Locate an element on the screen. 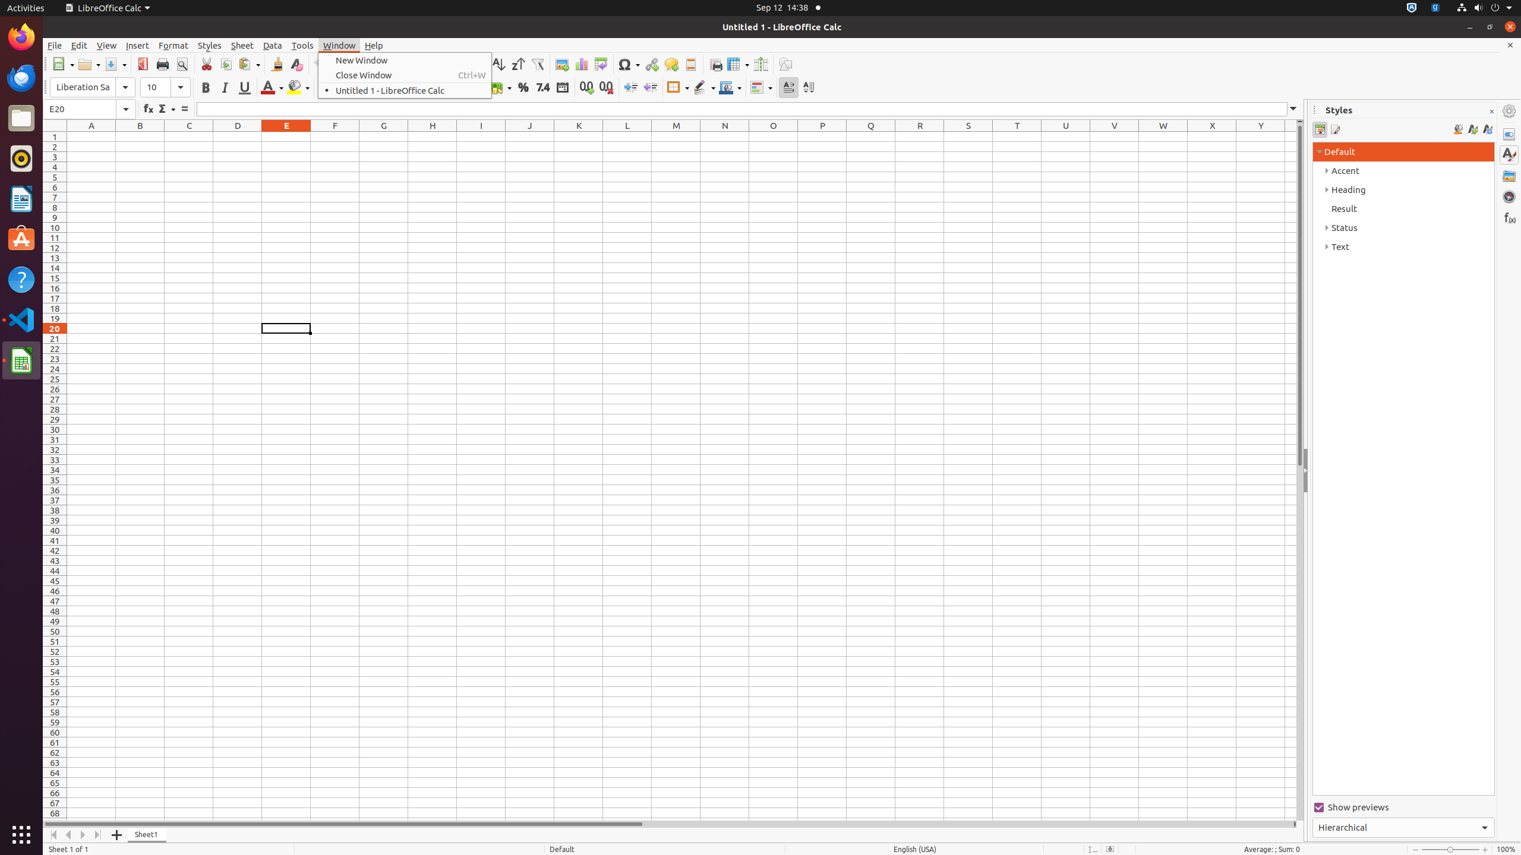  'Name Box' is located at coordinates (89, 109).